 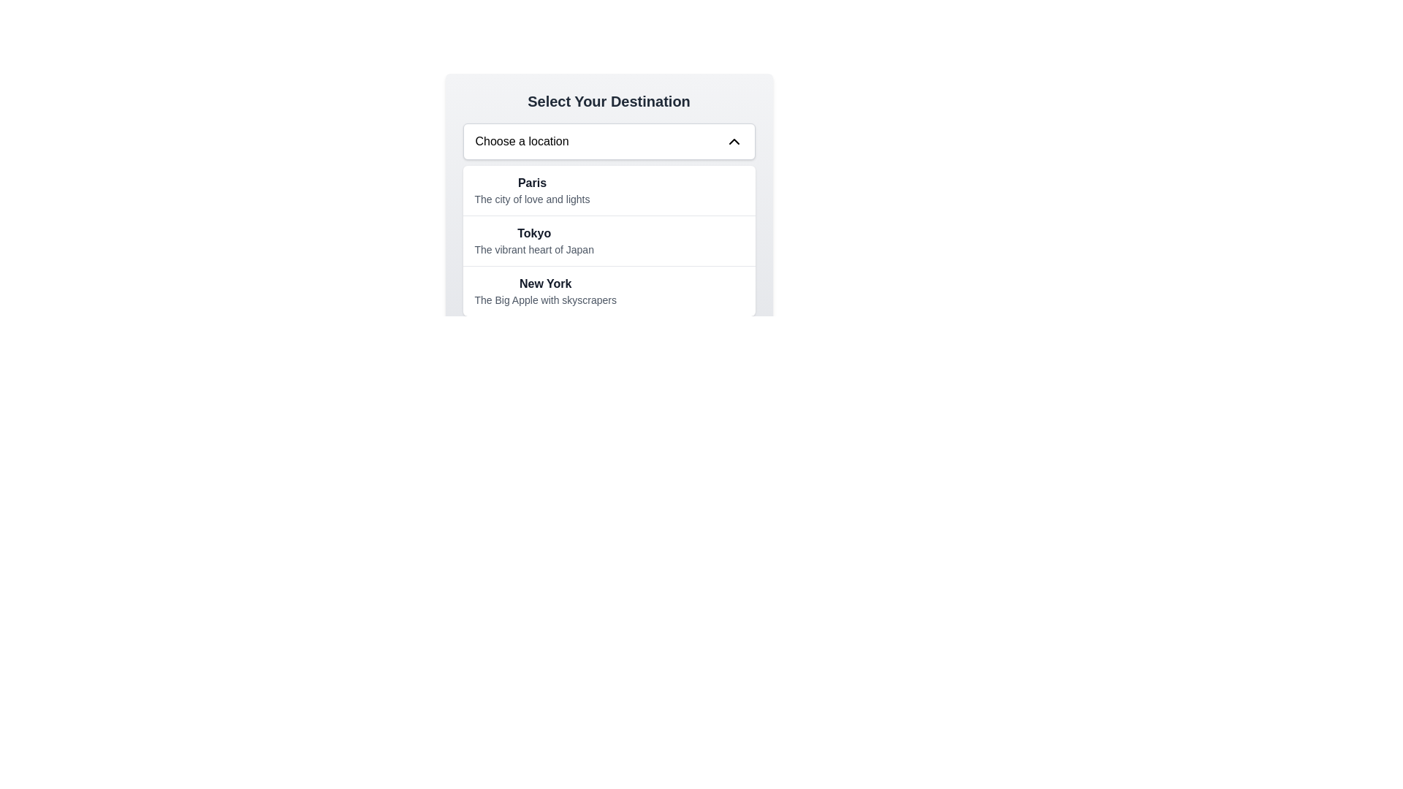 What do you see at coordinates (544, 284) in the screenshot?
I see `the bold-text label displaying 'New York' in the dropdown menu of possible destinations` at bounding box center [544, 284].